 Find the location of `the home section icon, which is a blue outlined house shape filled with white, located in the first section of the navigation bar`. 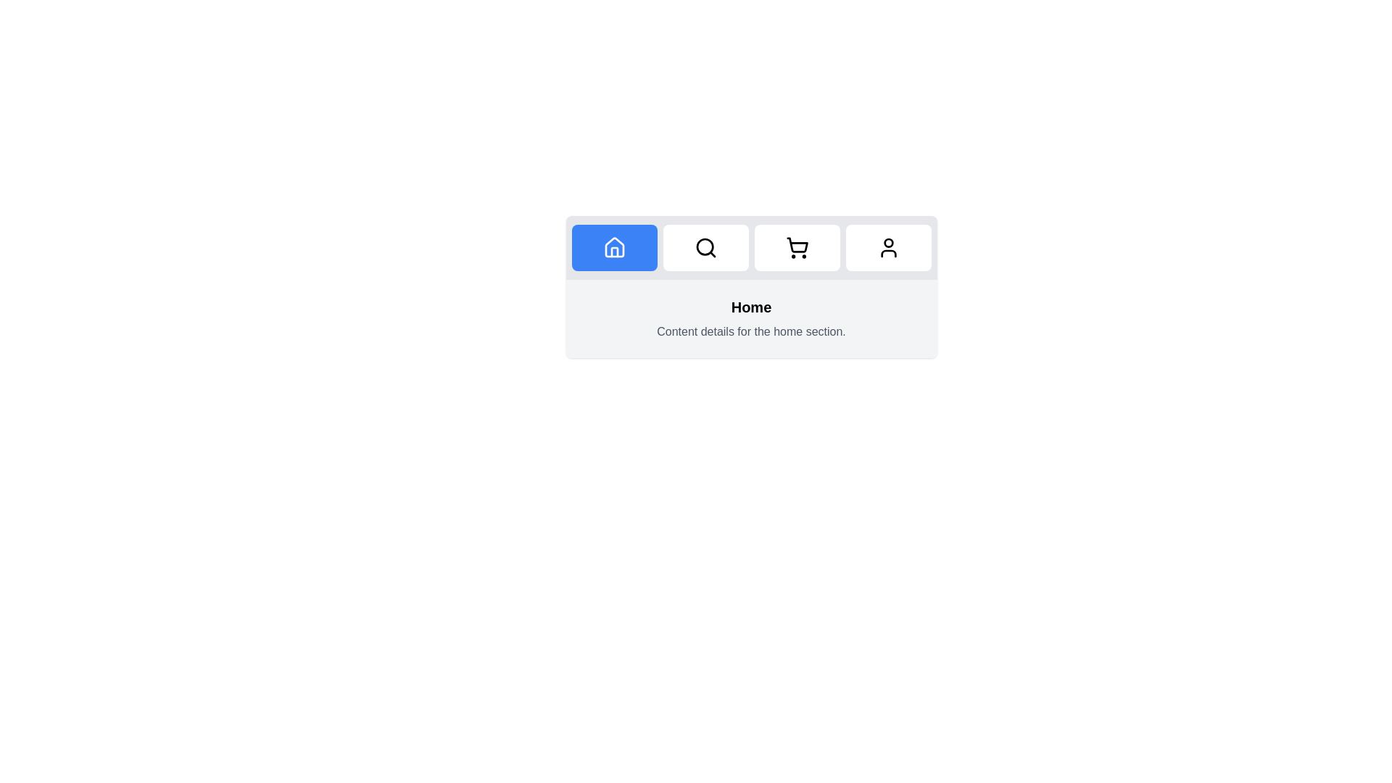

the home section icon, which is a blue outlined house shape filled with white, located in the first section of the navigation bar is located at coordinates (614, 246).